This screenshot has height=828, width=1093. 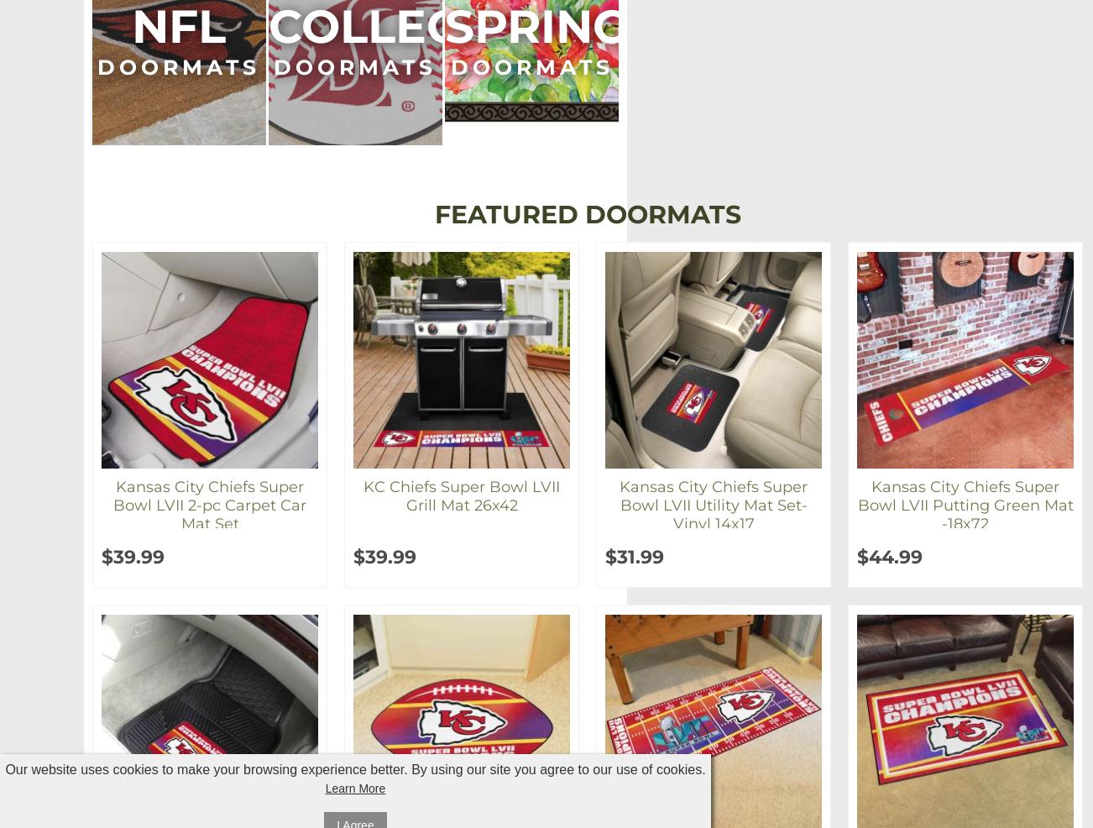 I want to click on 'Kansas City Chiefs Super Bowl LVII 2-pc Carpet Car Mat Set', so click(x=209, y=505).